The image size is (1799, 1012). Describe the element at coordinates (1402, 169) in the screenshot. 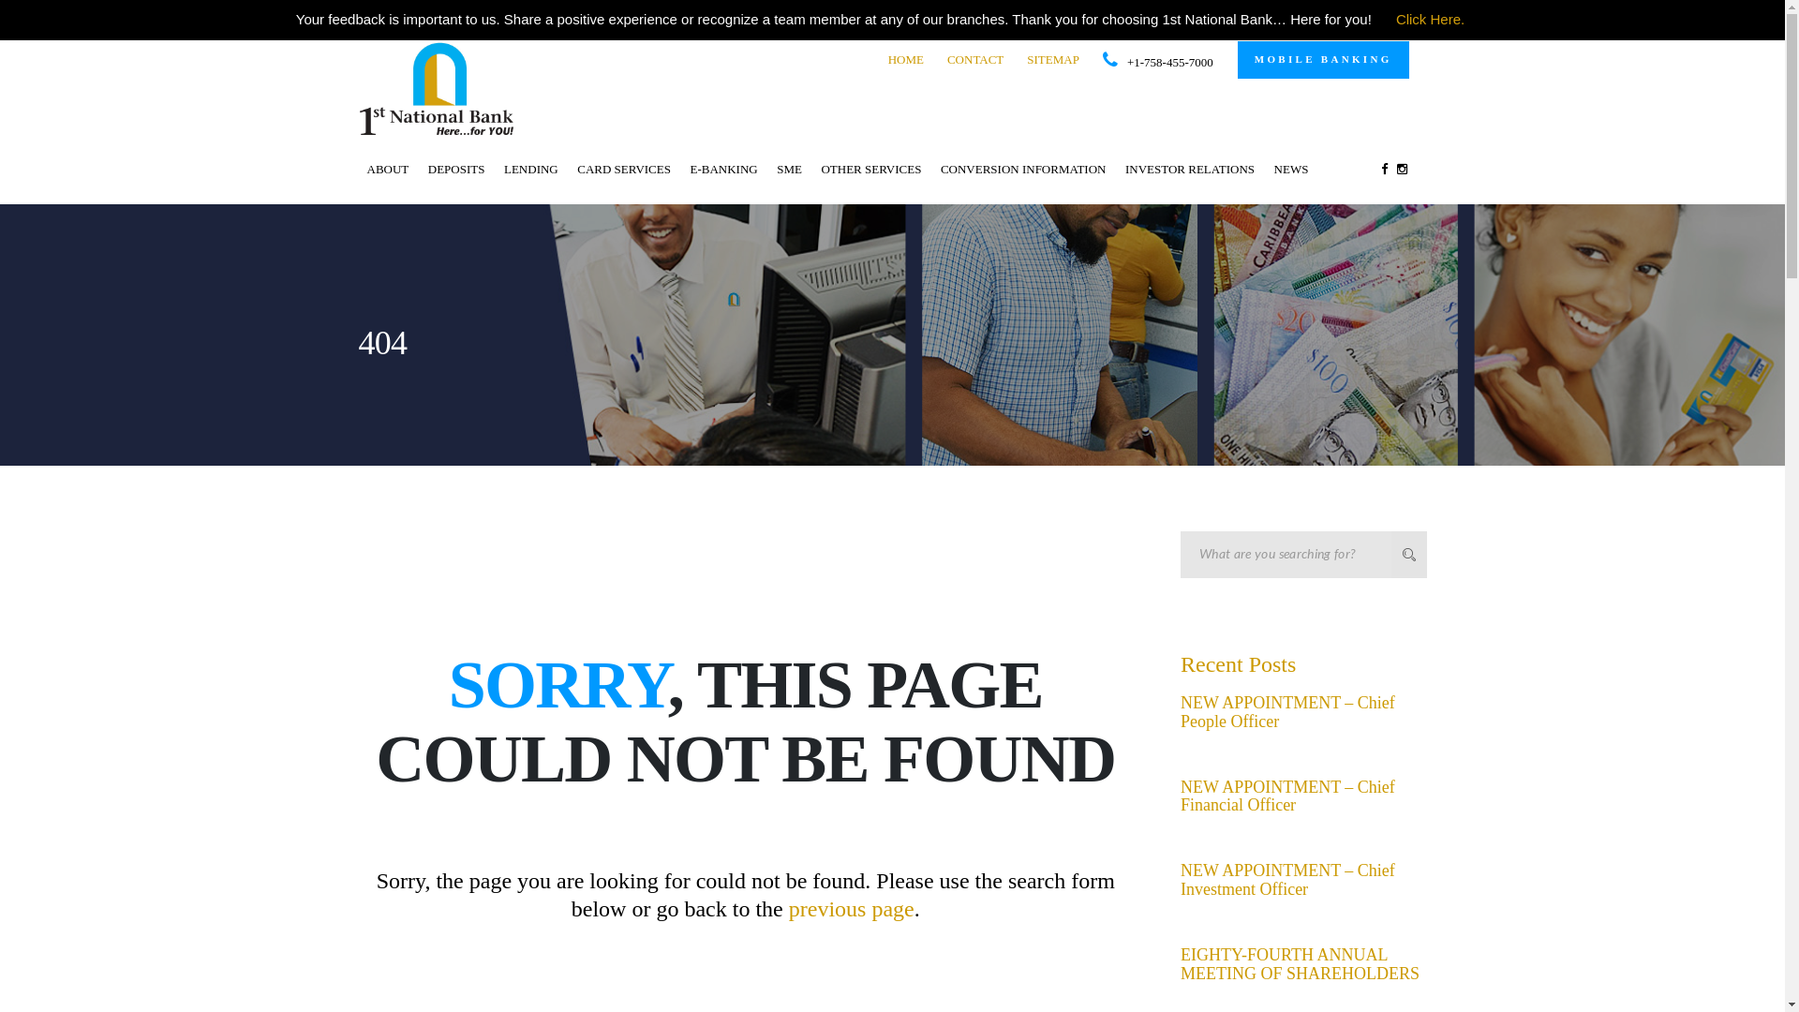

I see `'Instagram'` at that location.